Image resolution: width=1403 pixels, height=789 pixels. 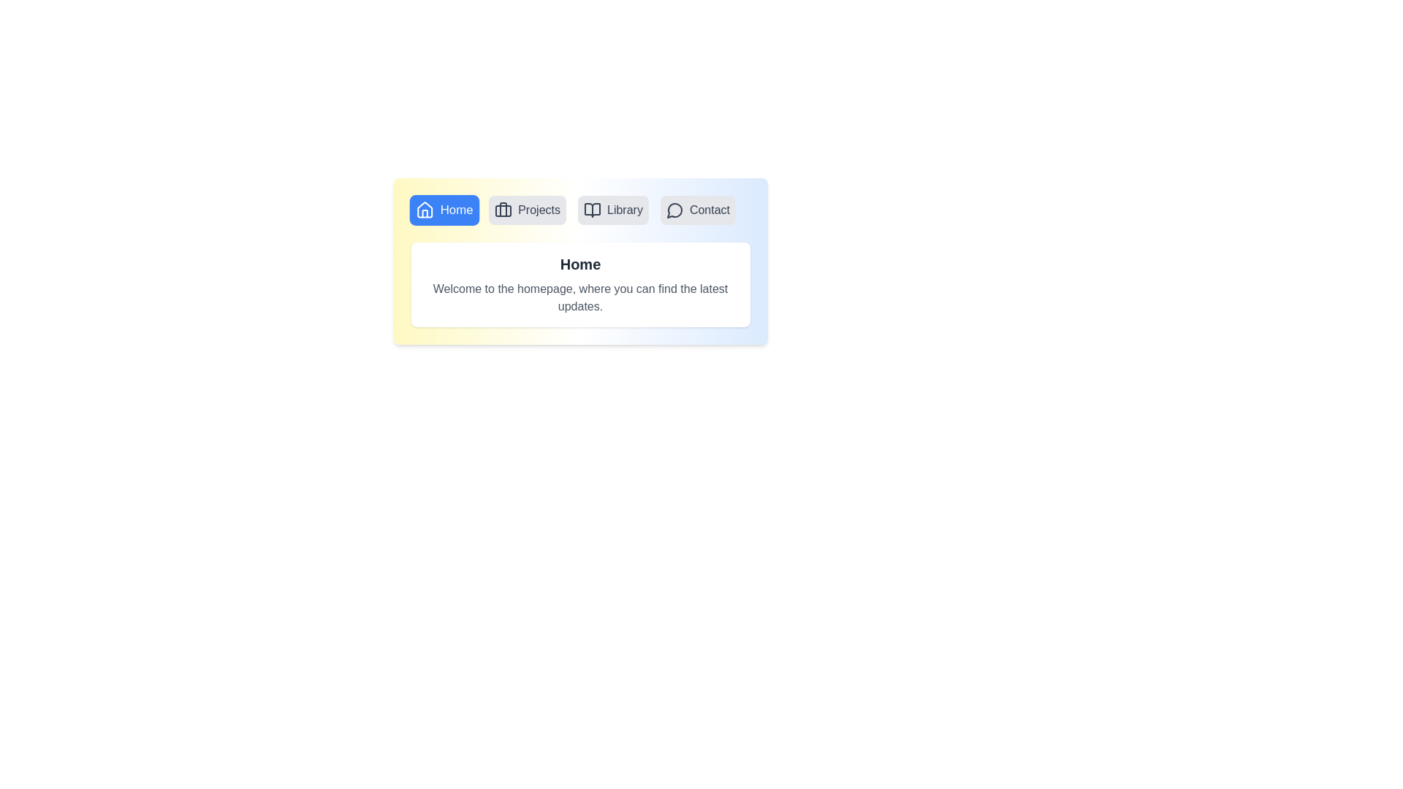 I want to click on the Library tab to view its content, so click(x=613, y=210).